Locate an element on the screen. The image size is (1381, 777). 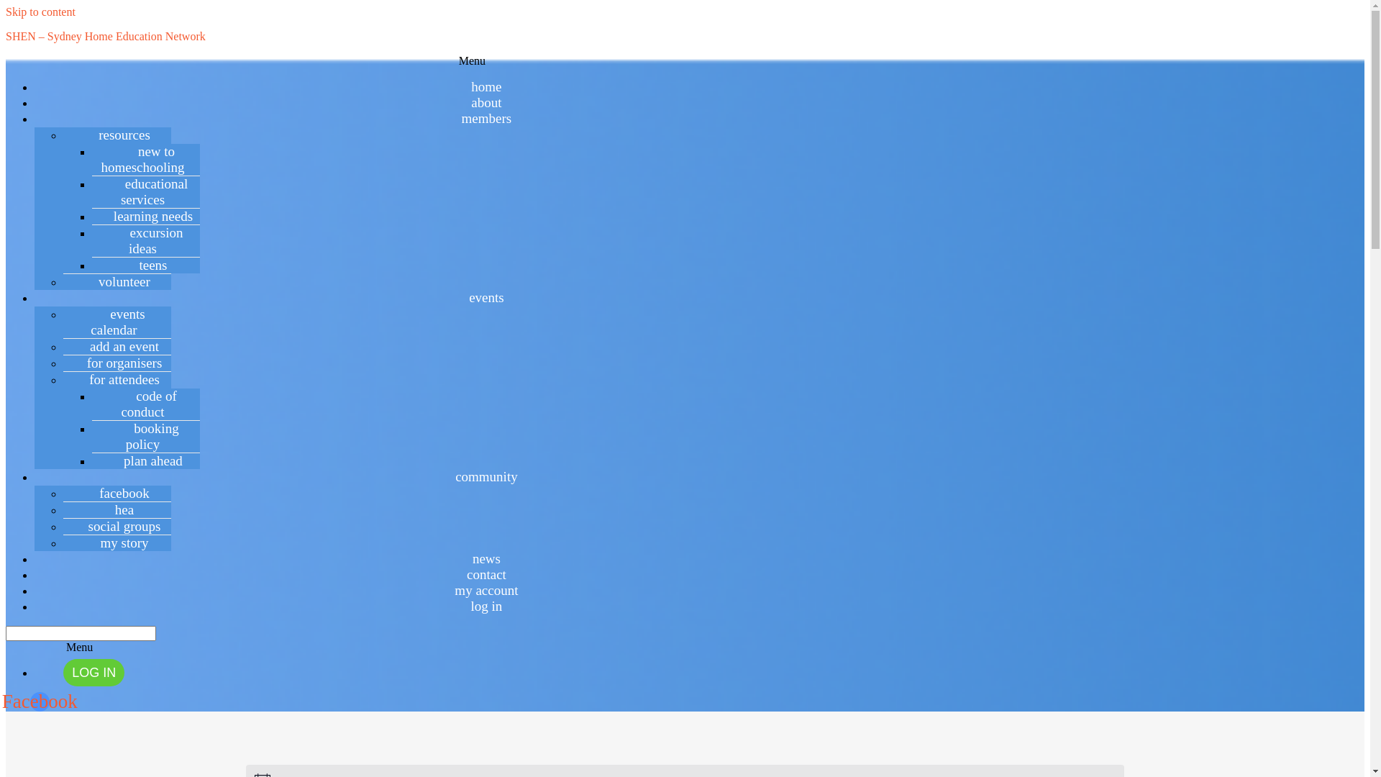
'my story' is located at coordinates (117, 542).